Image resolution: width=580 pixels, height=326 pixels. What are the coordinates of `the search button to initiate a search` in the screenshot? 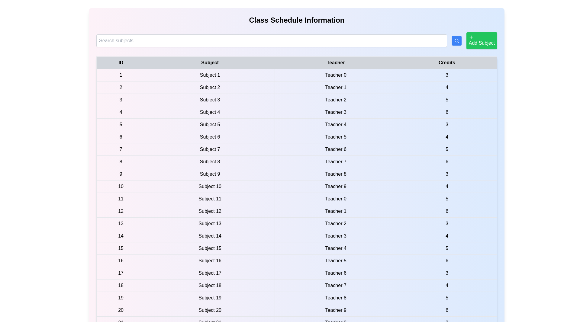 It's located at (456, 41).